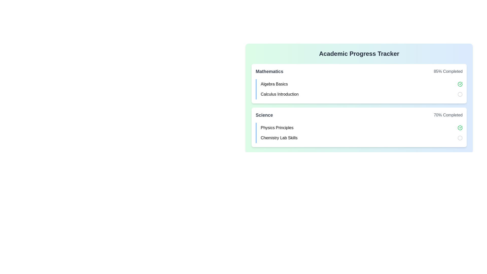 This screenshot has width=487, height=274. What do you see at coordinates (277, 128) in the screenshot?
I see `the static text element representing the educational topic in the 'Science' section` at bounding box center [277, 128].